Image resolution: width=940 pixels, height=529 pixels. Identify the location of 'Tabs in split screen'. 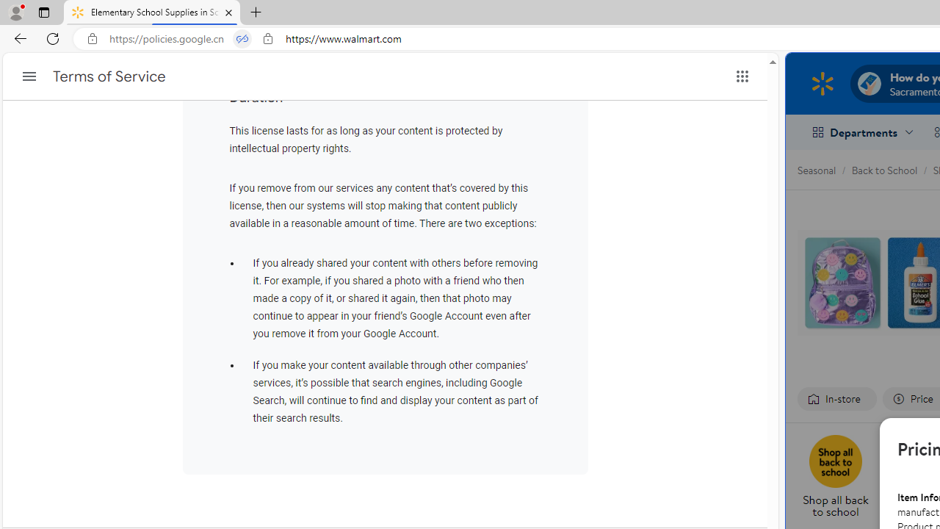
(242, 38).